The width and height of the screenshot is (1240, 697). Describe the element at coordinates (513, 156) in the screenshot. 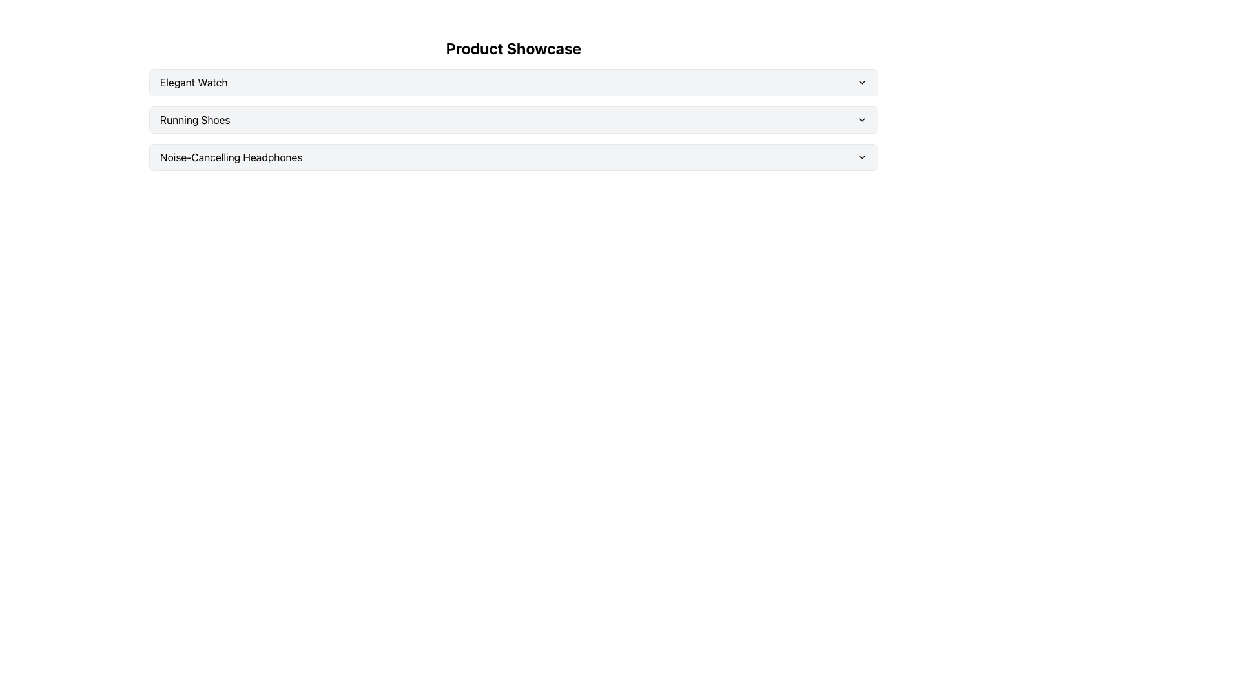

I see `the selectable item in the dropdown menu related to 'Noise-Cancelling Headphones'` at that location.